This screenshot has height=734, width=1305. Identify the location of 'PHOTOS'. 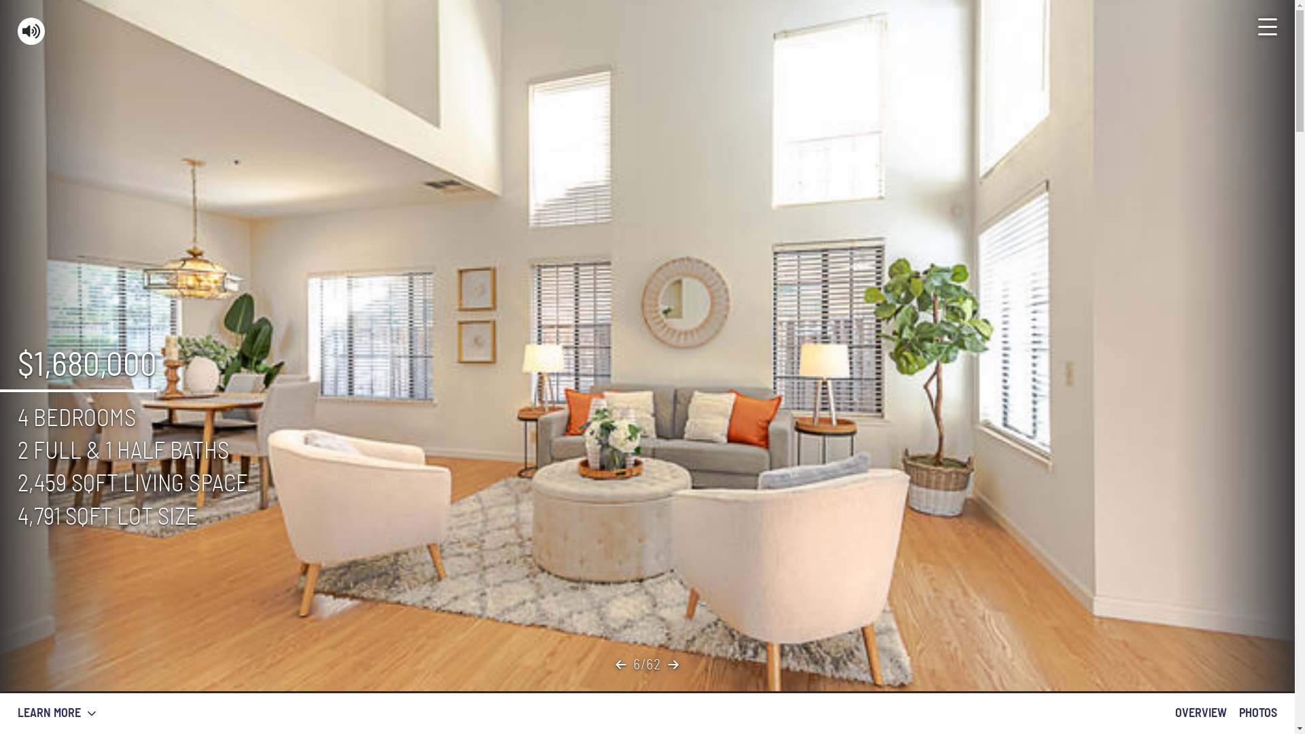
(1257, 712).